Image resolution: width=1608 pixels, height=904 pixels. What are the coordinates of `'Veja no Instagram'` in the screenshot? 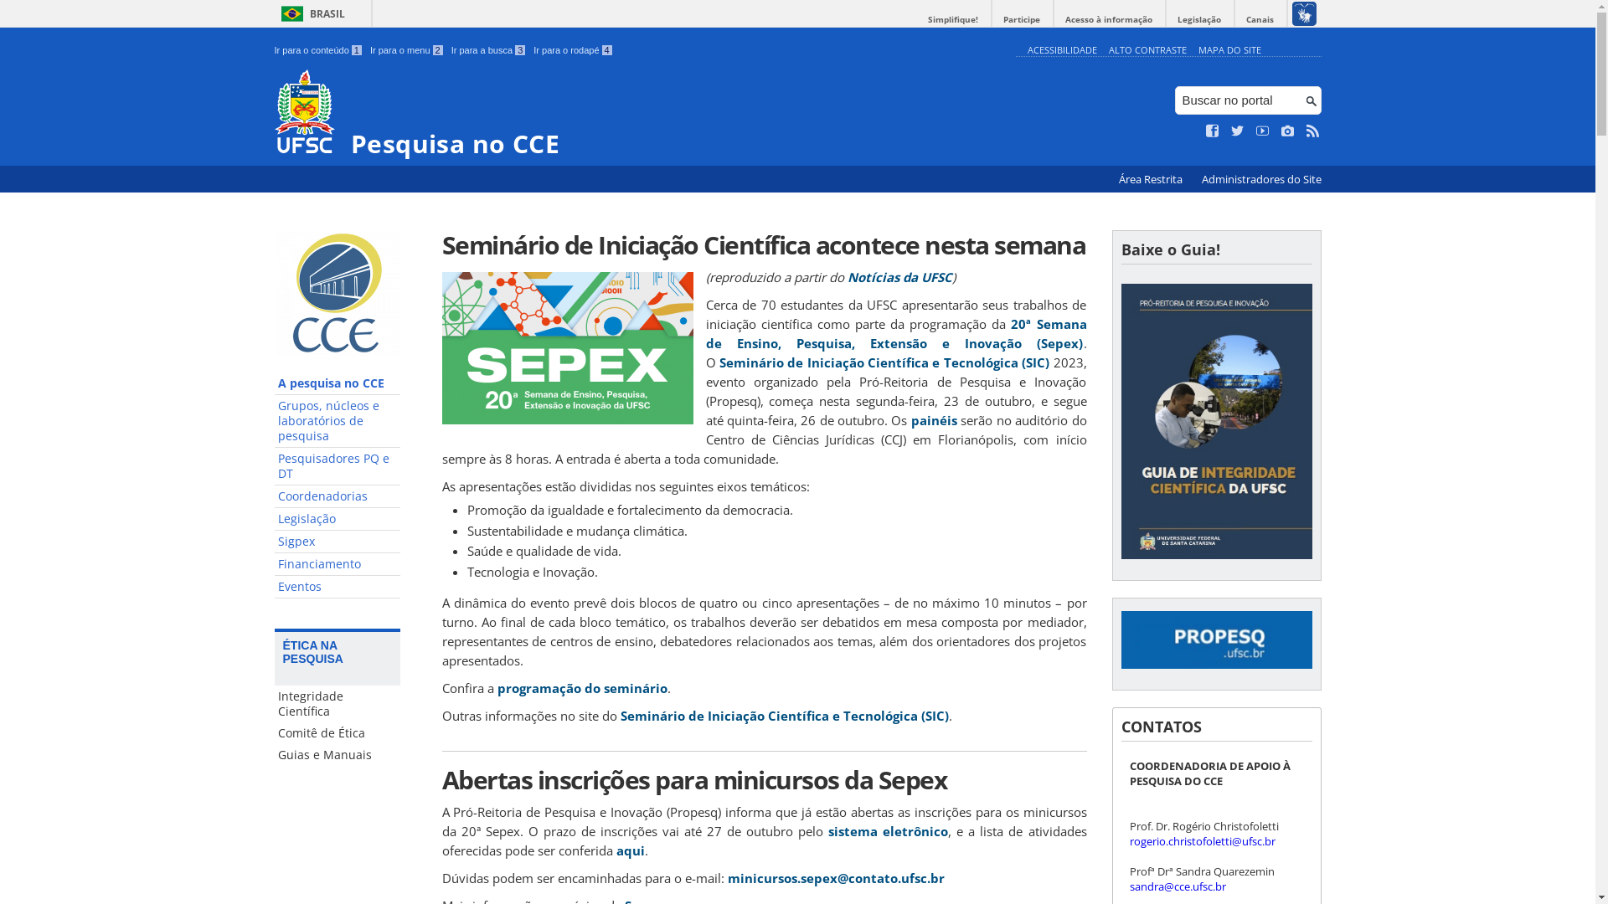 It's located at (1286, 131).